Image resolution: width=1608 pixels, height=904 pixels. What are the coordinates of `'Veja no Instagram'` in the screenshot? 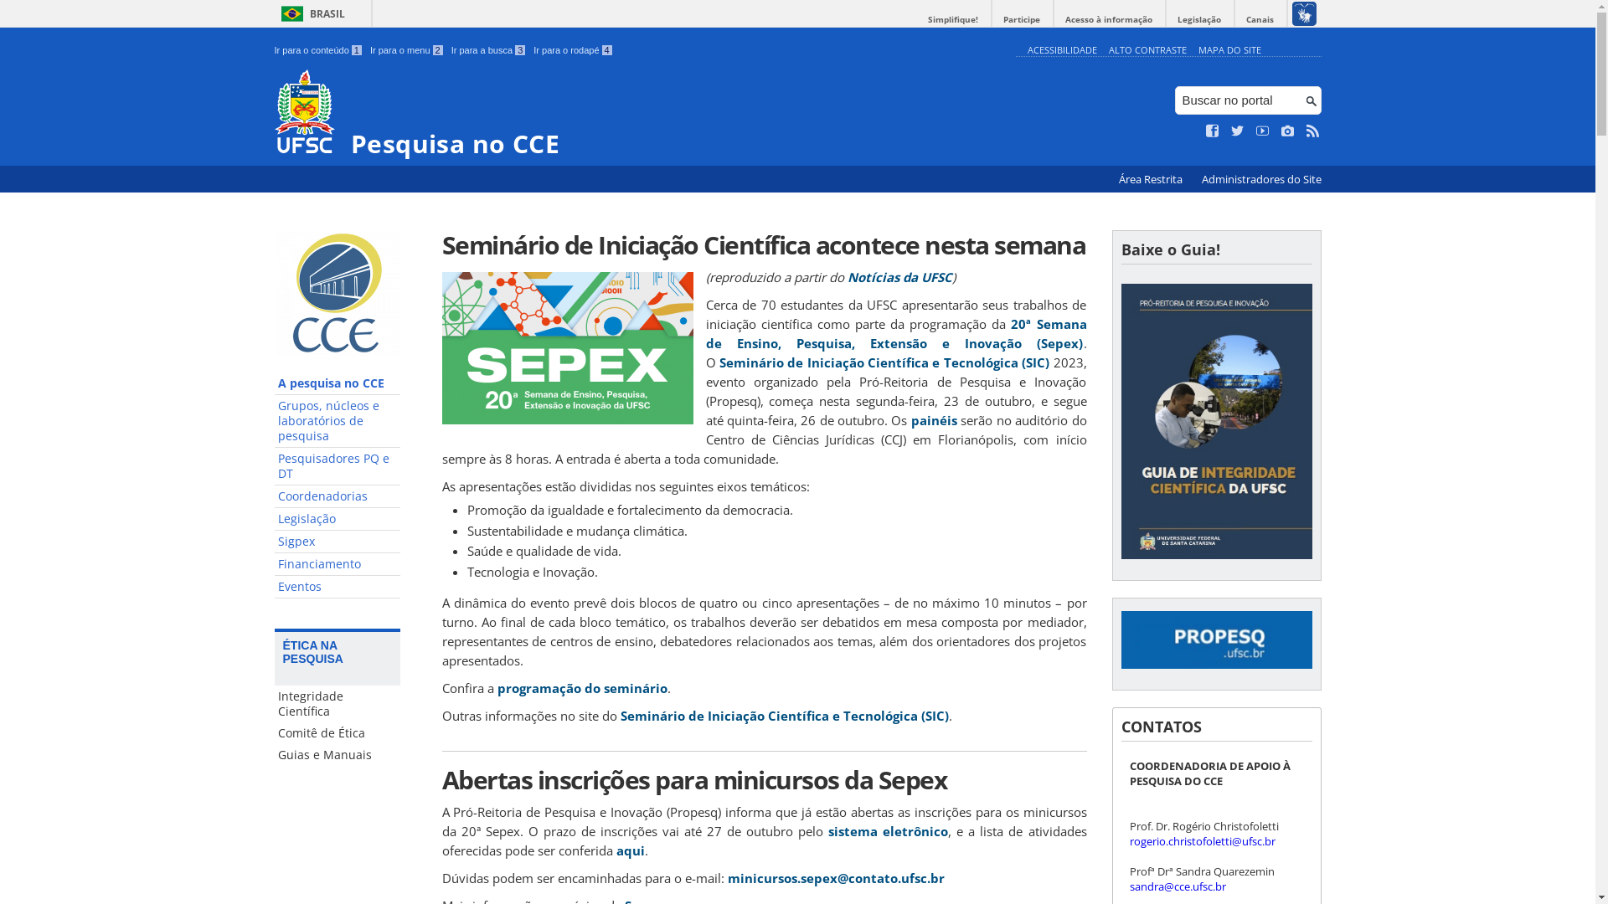 It's located at (1286, 131).